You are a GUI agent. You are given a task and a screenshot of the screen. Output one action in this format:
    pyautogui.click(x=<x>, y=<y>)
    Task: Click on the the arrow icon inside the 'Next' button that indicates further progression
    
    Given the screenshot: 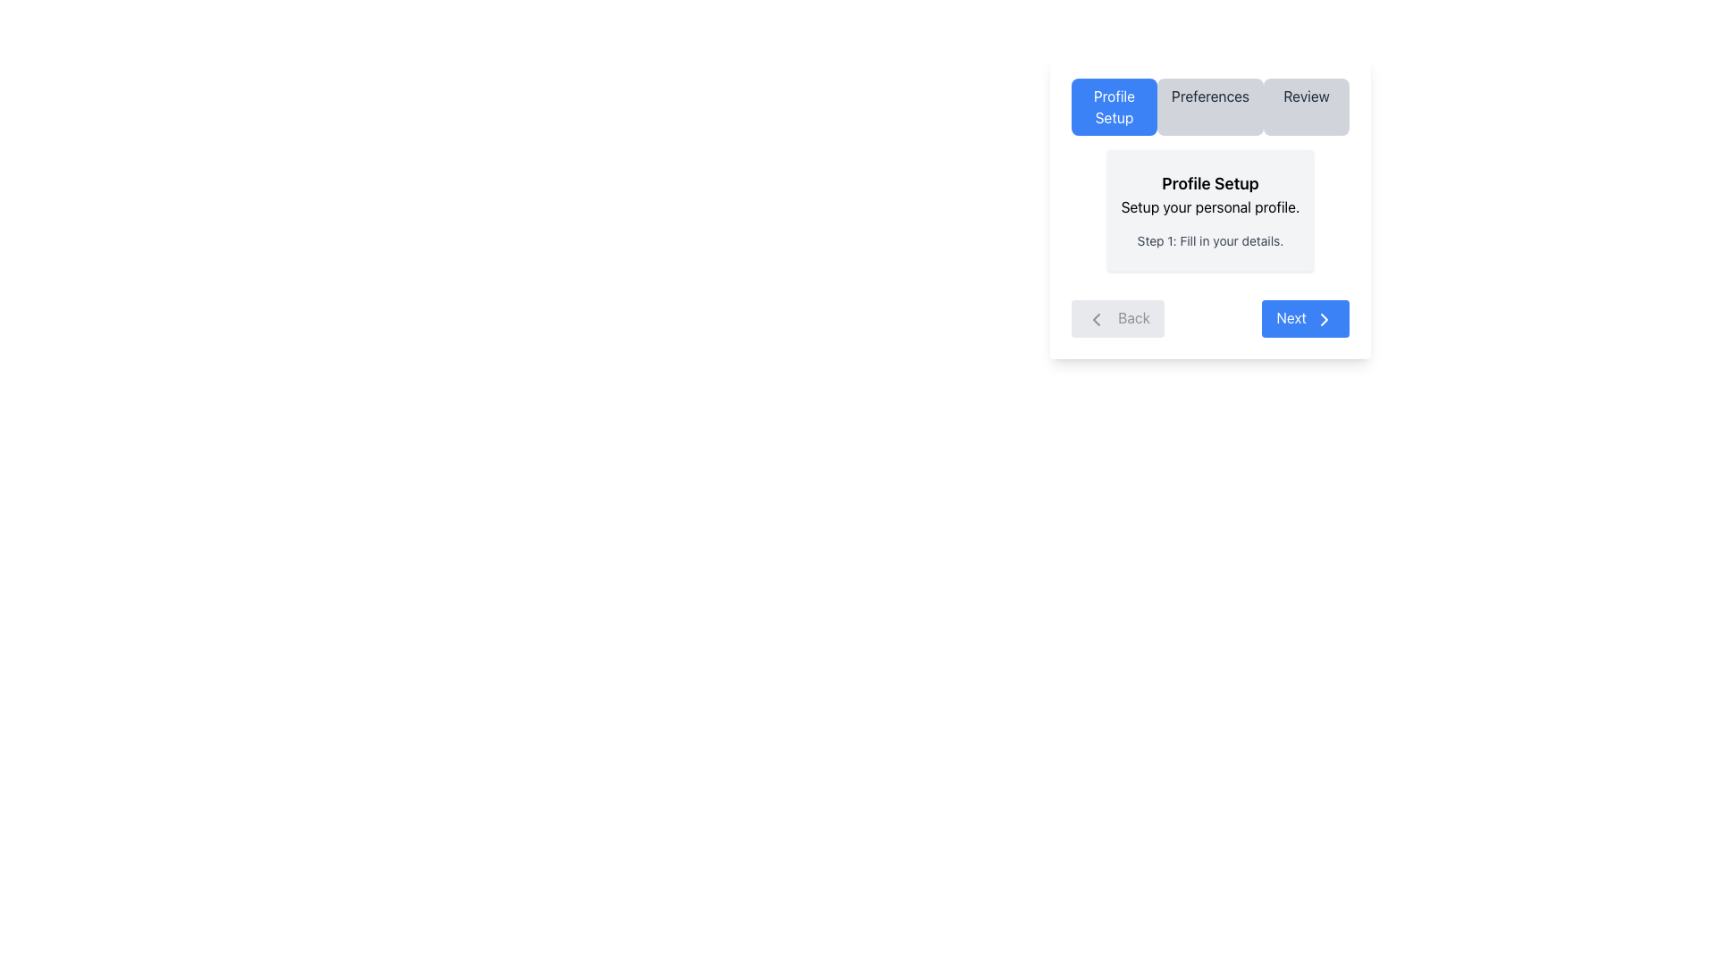 What is the action you would take?
    pyautogui.click(x=1325, y=318)
    